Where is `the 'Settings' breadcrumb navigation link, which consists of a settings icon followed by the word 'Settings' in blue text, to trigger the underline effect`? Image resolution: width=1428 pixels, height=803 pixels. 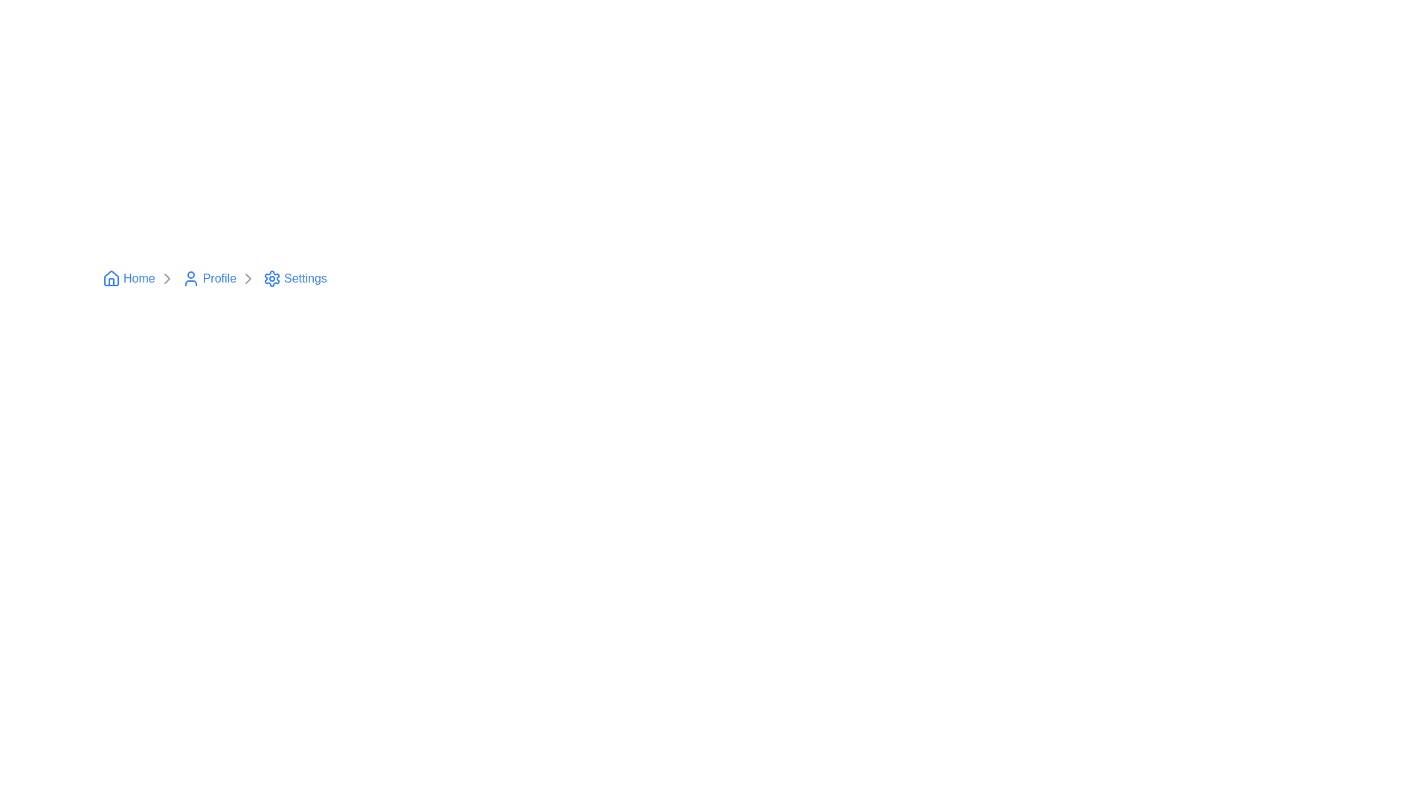 the 'Settings' breadcrumb navigation link, which consists of a settings icon followed by the word 'Settings' in blue text, to trigger the underline effect is located at coordinates (295, 278).